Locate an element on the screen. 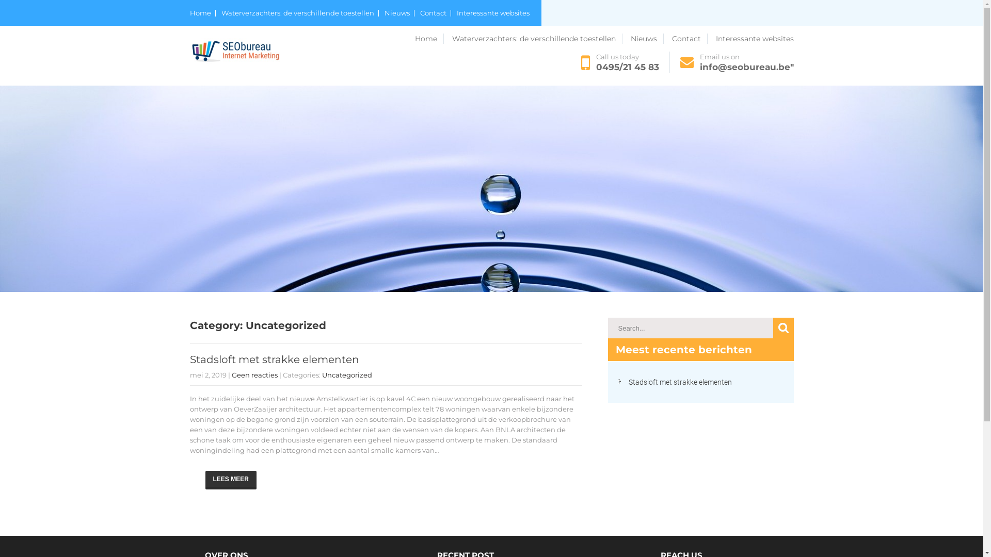 The image size is (991, 557). 'info@seobureau.be"' is located at coordinates (746, 67).